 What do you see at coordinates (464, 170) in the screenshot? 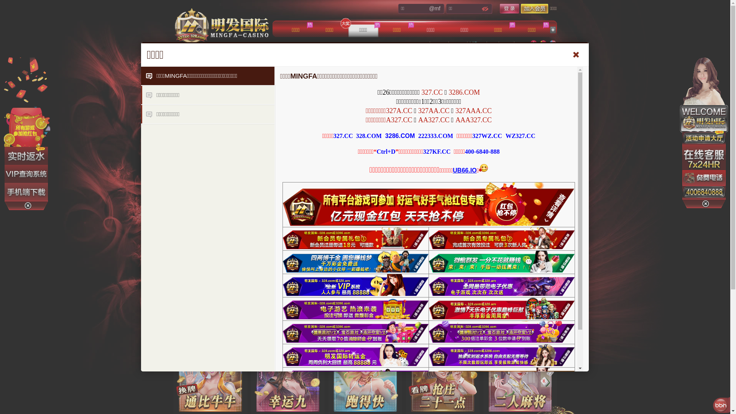
I see `'UB66.IO'` at bounding box center [464, 170].